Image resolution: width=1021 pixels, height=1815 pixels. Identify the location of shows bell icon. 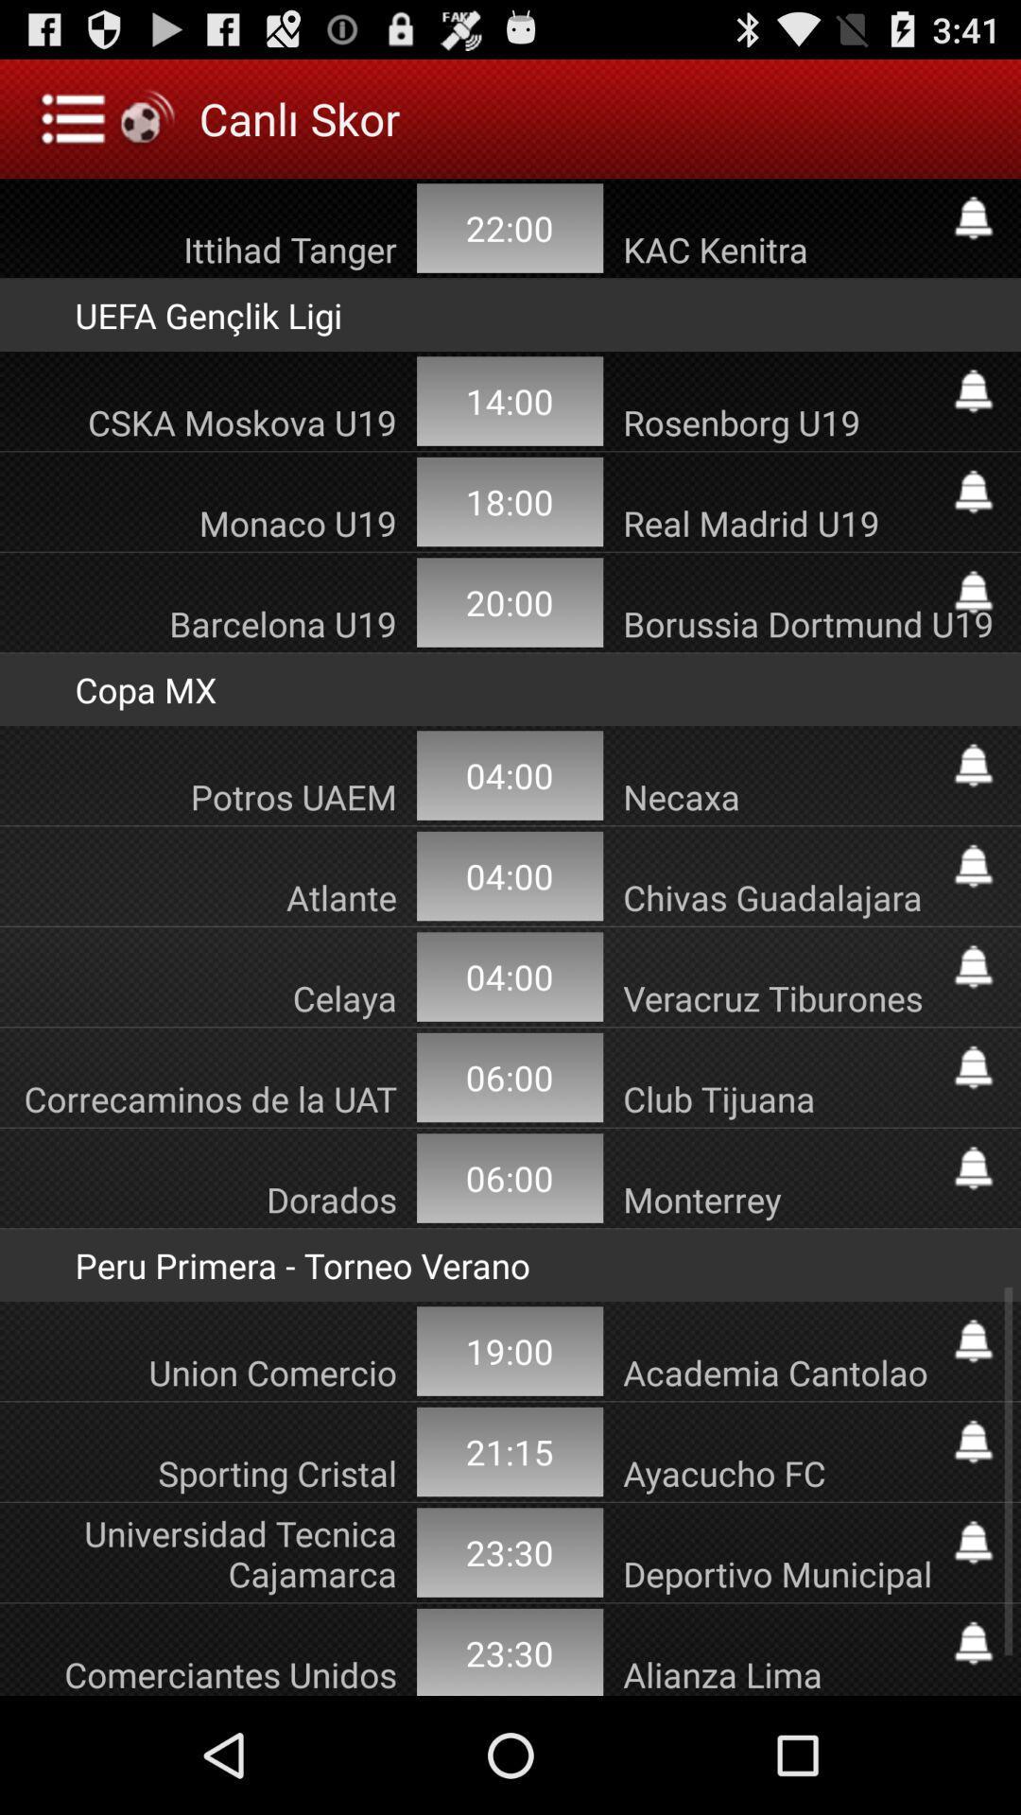
(973, 966).